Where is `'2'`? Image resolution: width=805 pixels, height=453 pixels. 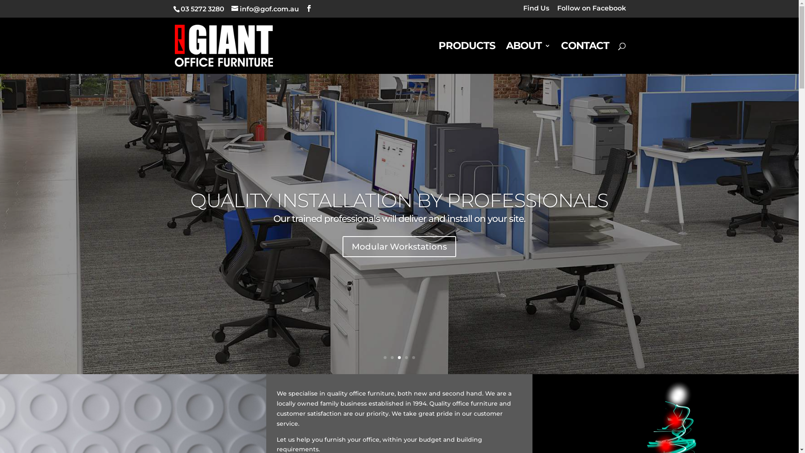
'2' is located at coordinates (390, 357).